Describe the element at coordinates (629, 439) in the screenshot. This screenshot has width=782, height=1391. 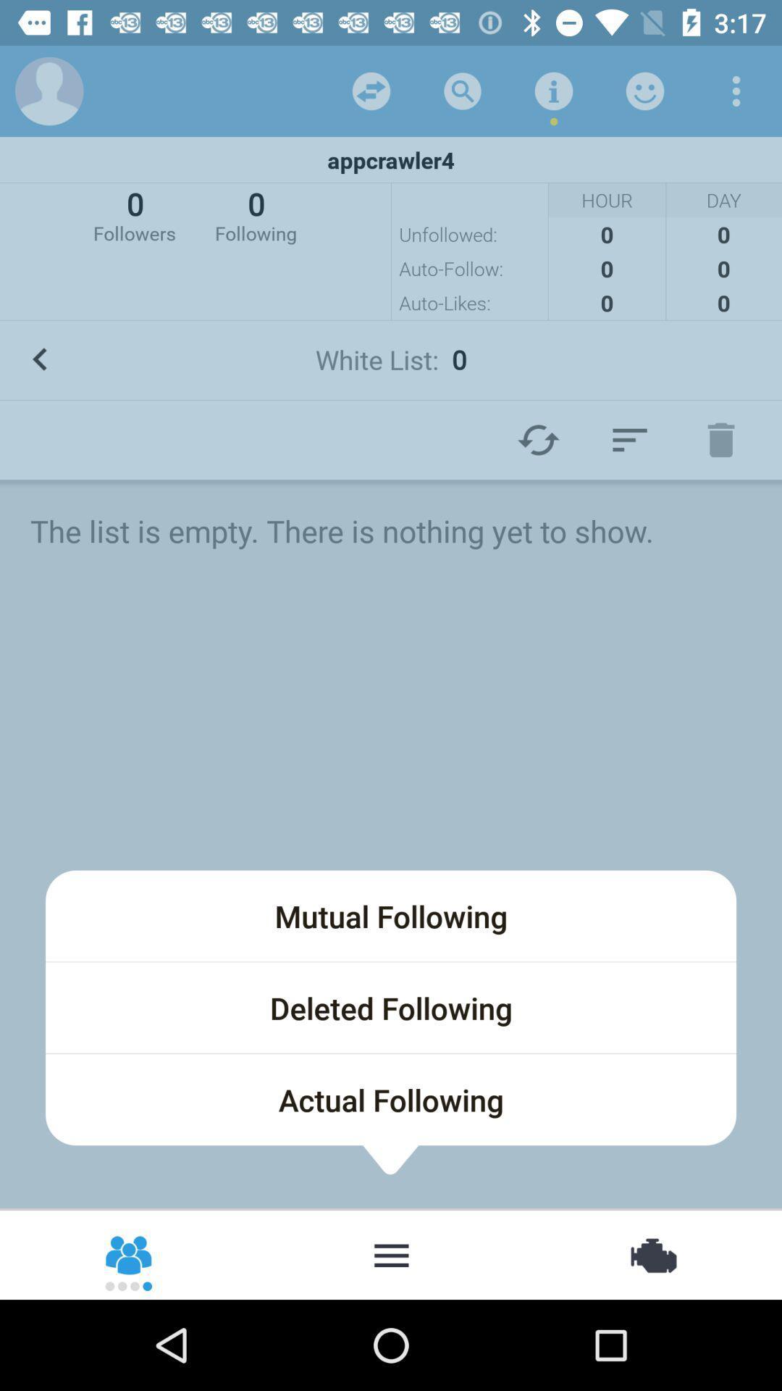
I see `appearence` at that location.